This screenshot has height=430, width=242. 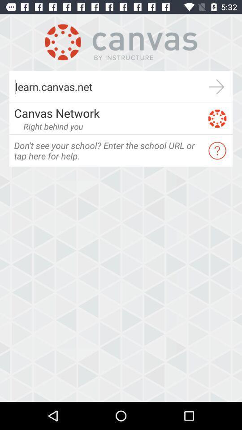 I want to click on the don t see app, so click(x=108, y=150).